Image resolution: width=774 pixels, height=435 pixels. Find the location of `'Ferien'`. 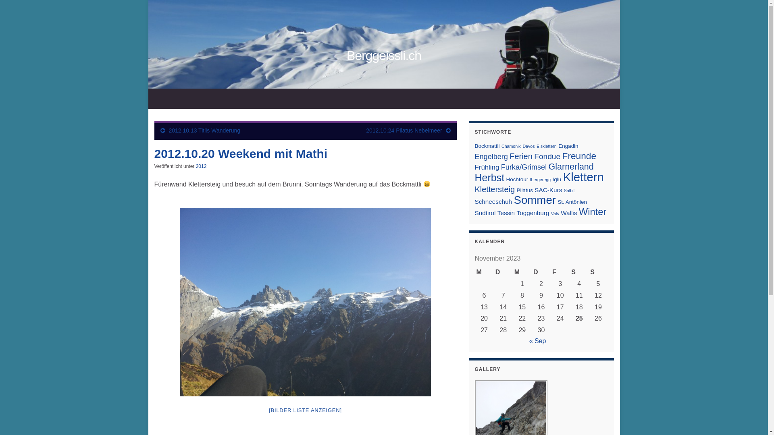

'Ferien' is located at coordinates (520, 156).